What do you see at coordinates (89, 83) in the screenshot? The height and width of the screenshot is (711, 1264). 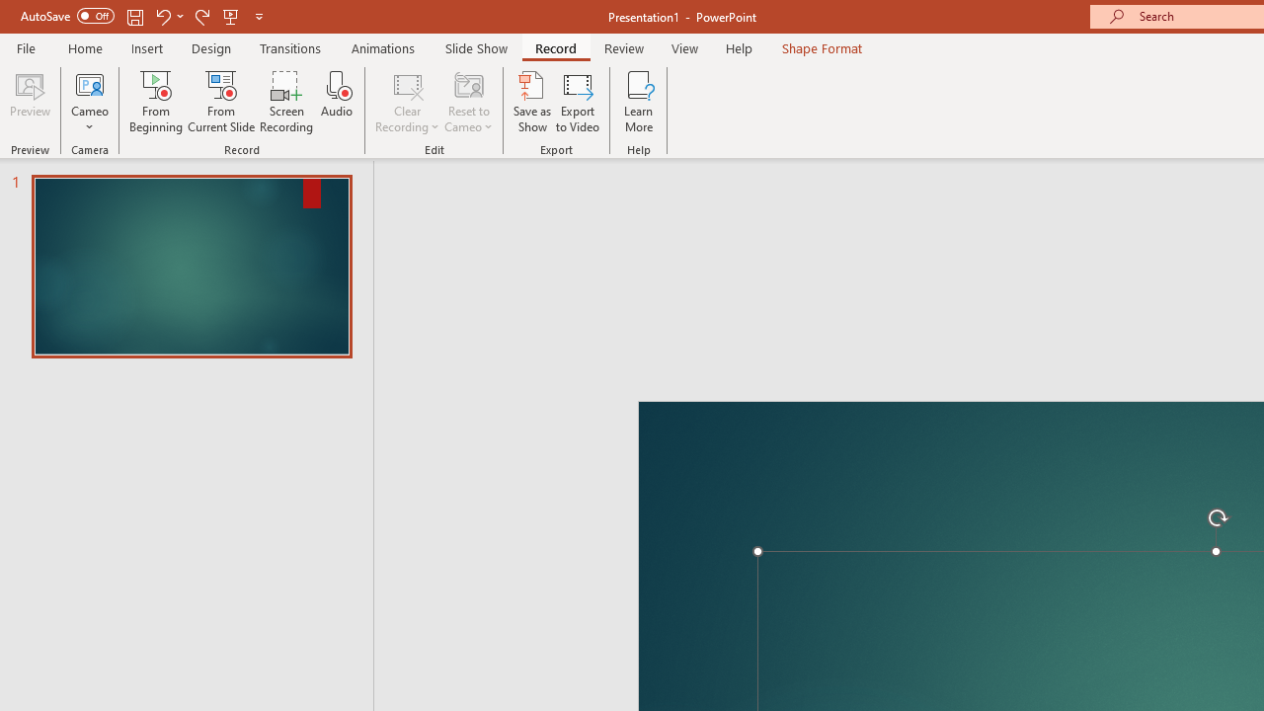 I see `'Cameo'` at bounding box center [89, 83].